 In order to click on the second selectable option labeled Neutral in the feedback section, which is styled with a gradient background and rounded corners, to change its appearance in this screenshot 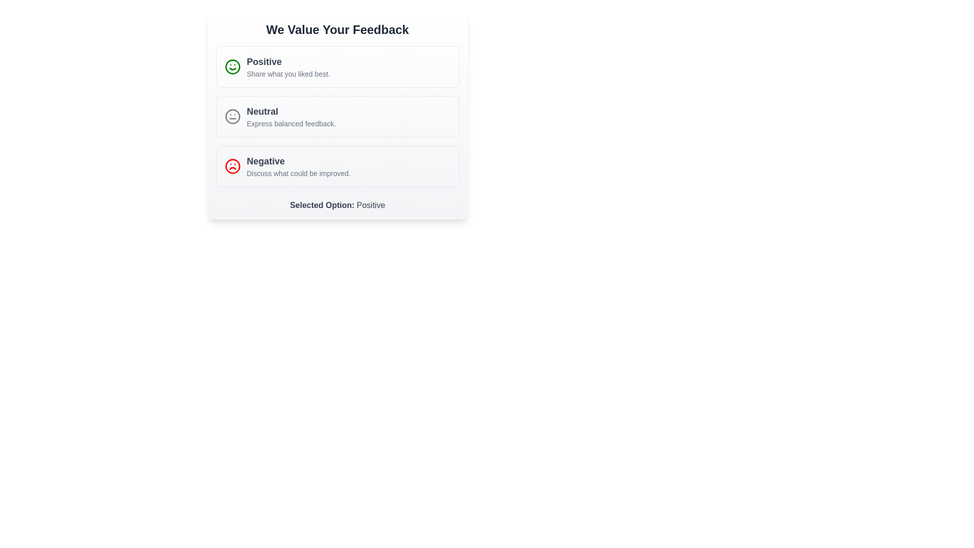, I will do `click(337, 116)`.